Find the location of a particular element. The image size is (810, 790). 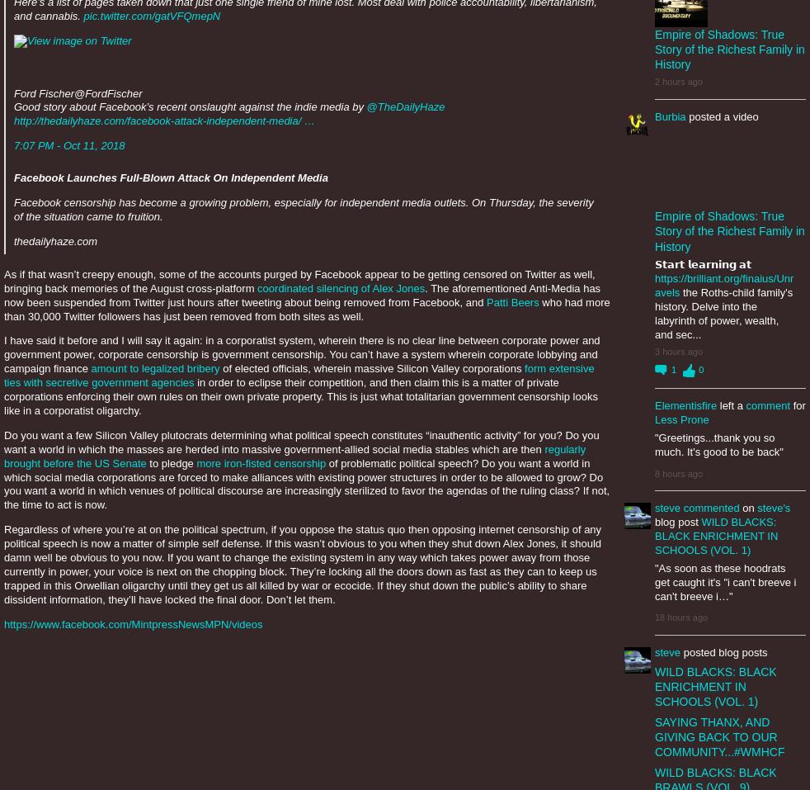

'Elementisfire' is located at coordinates (687, 405).